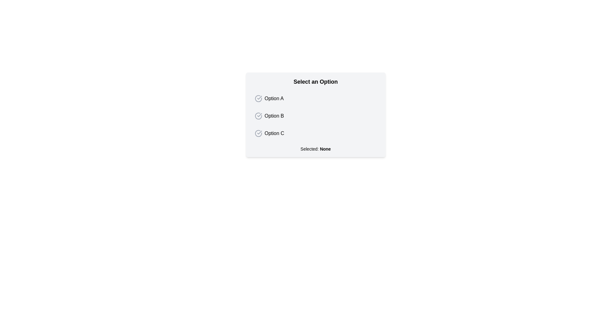 The height and width of the screenshot is (336, 598). I want to click on text content of the element indicating the current selection status, which displays 'Selected: None' at the bottom of the selection panel, so click(325, 149).